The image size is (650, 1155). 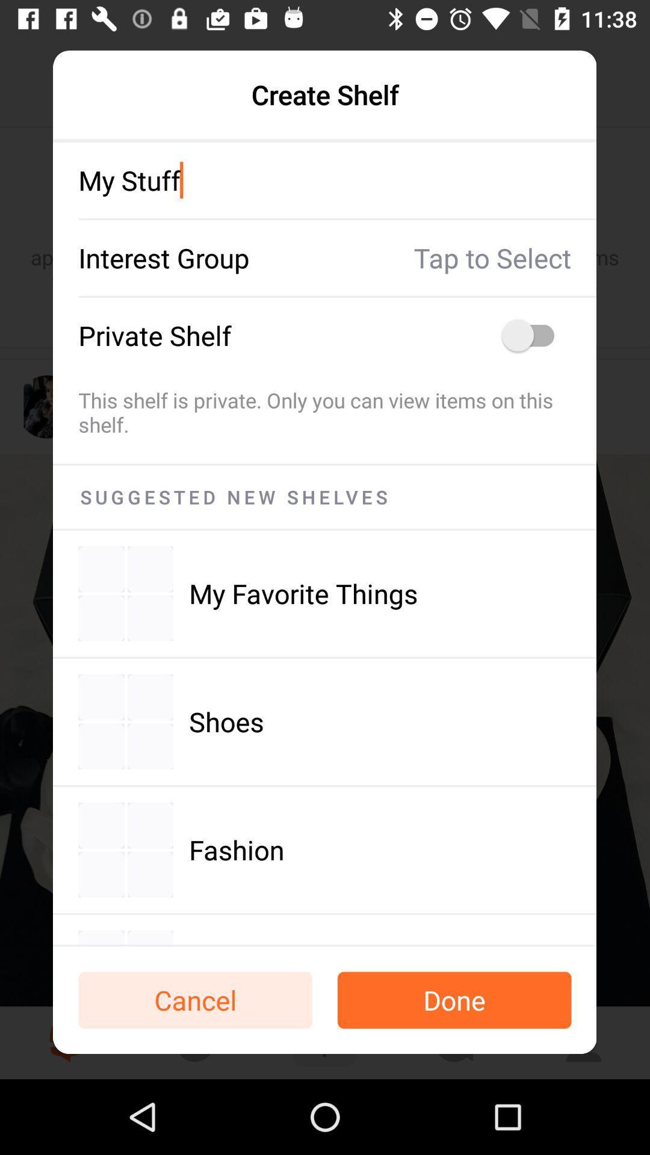 I want to click on turn on private shelf, so click(x=533, y=335).